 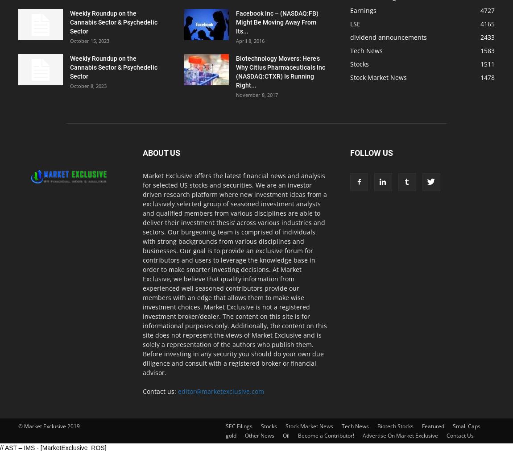 What do you see at coordinates (250, 40) in the screenshot?
I see `'April 8, 2016'` at bounding box center [250, 40].